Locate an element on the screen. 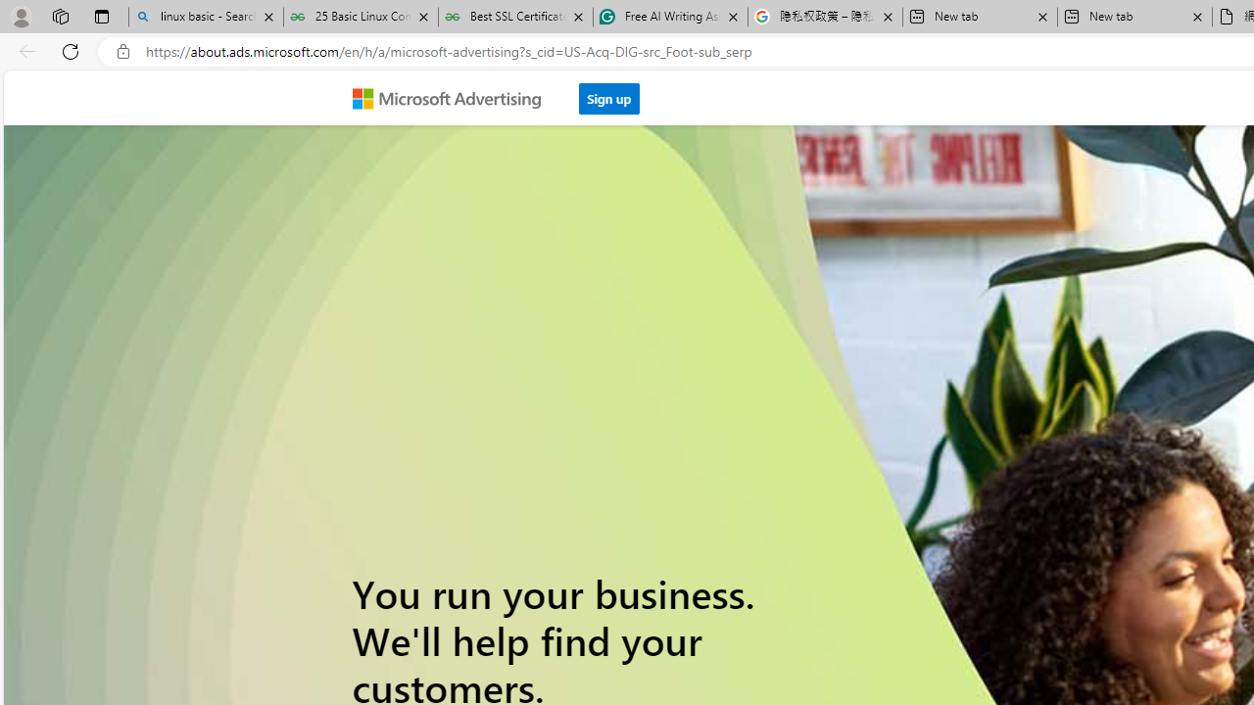  '25 Basic Linux Commands For Beginners - GeeksforGeeks' is located at coordinates (361, 17).